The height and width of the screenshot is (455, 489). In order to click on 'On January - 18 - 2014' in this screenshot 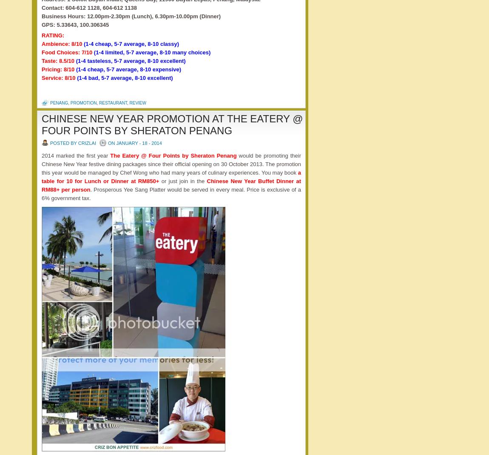, I will do `click(135, 142)`.